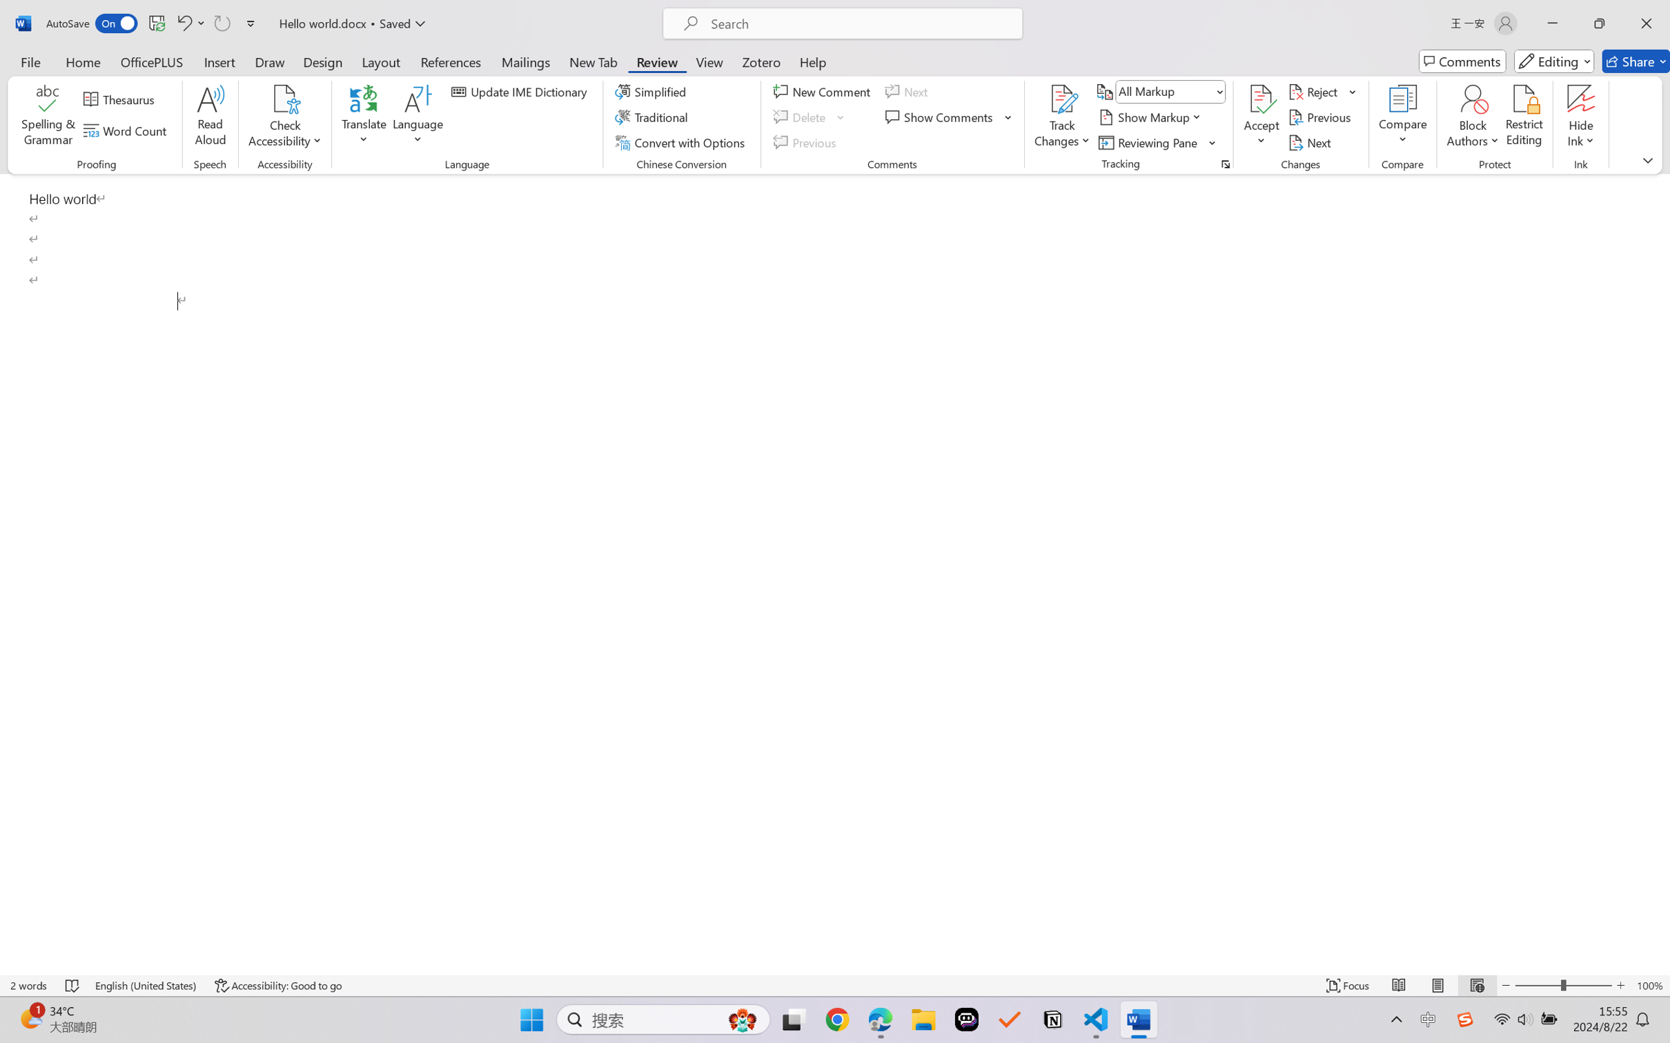 The image size is (1670, 1043). I want to click on 'Undo Click and Type Formatting', so click(183, 23).